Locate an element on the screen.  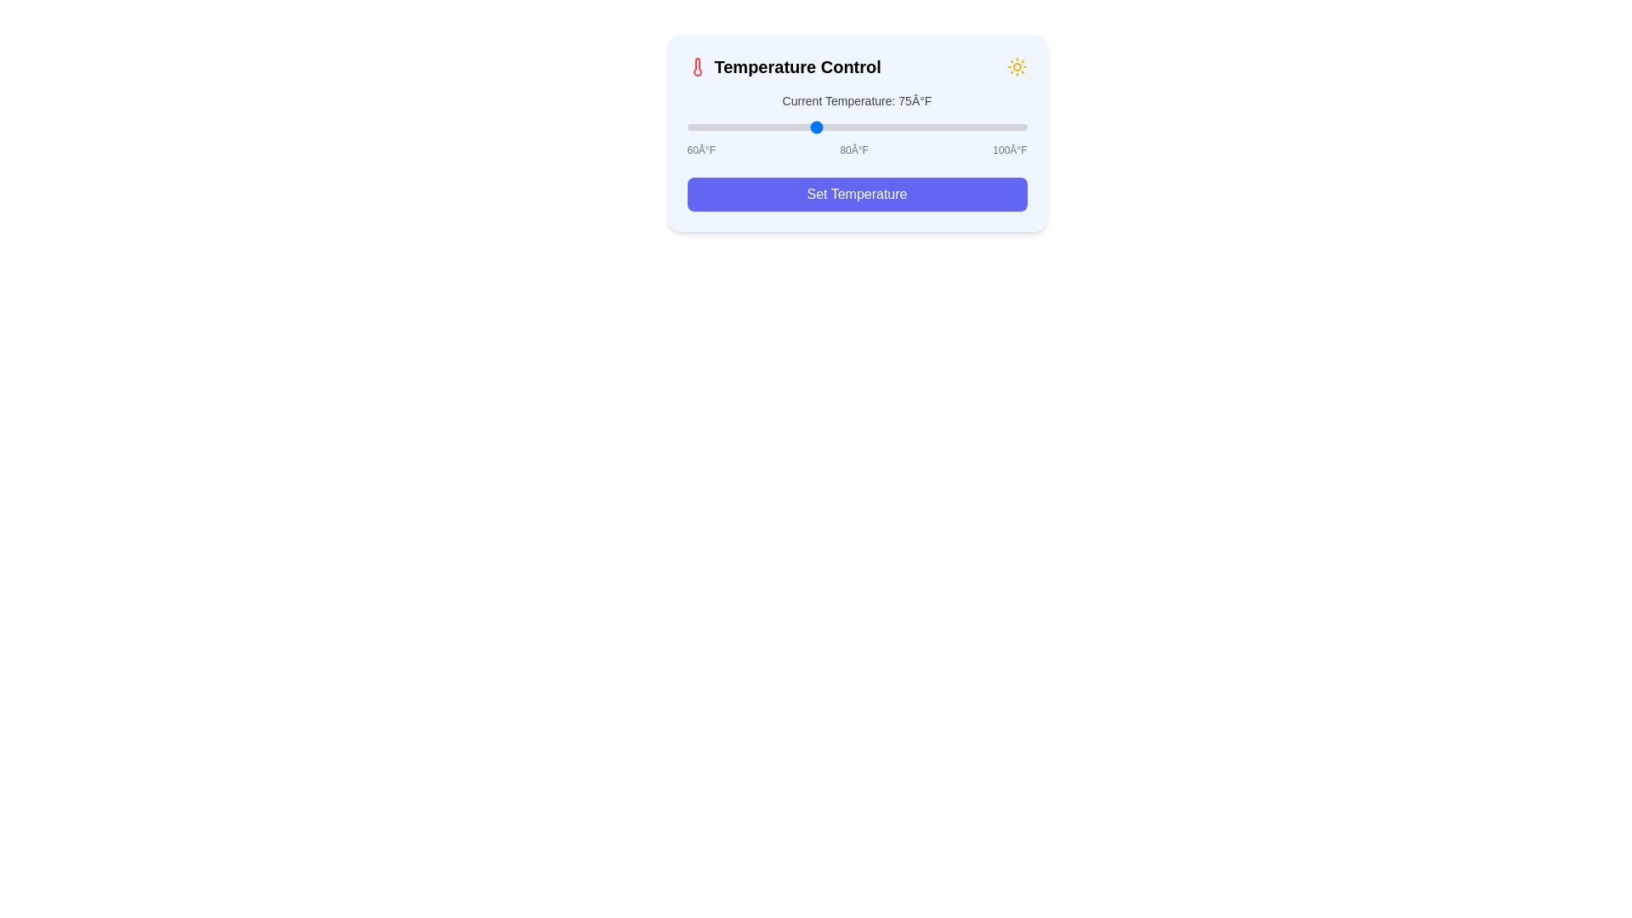
the temperature is located at coordinates (984, 127).